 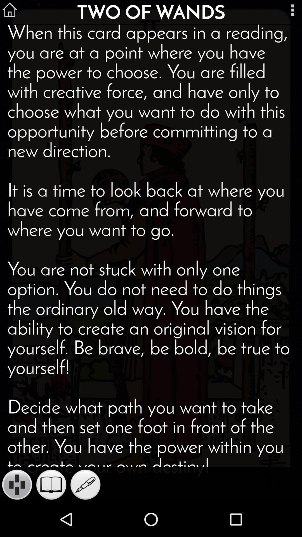 What do you see at coordinates (292, 10) in the screenshot?
I see `the more icon` at bounding box center [292, 10].